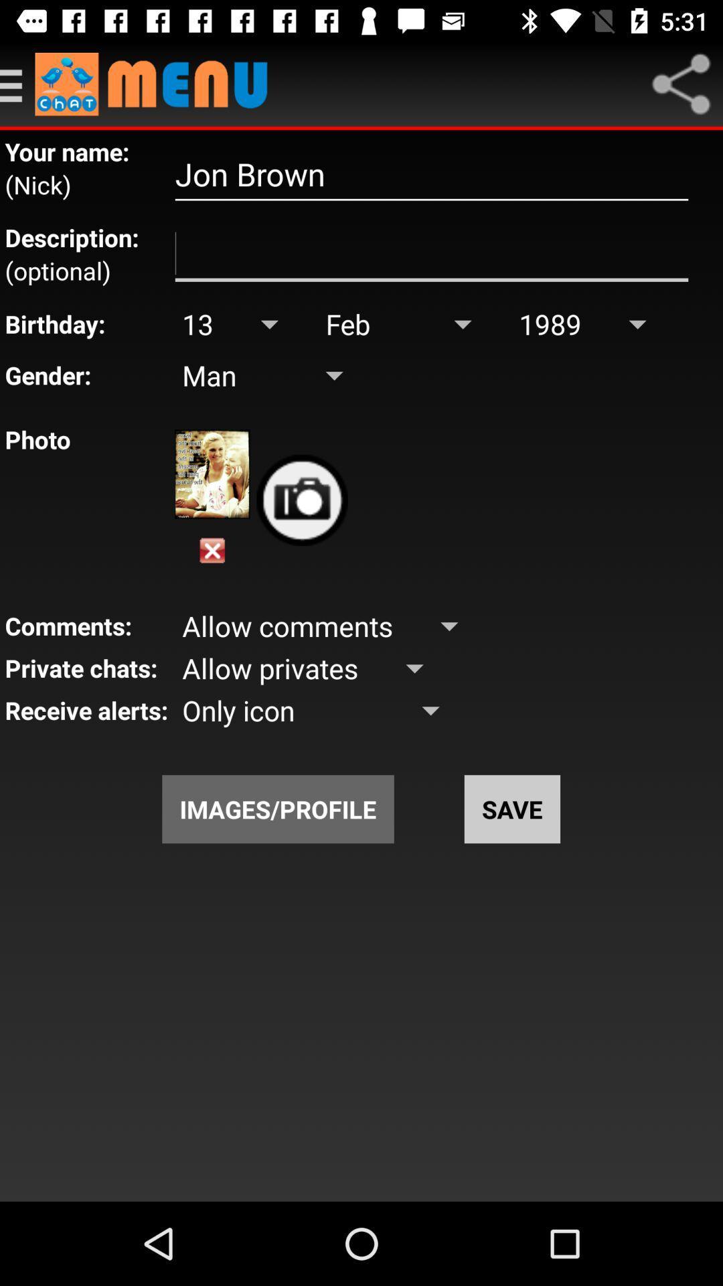 This screenshot has width=723, height=1286. What do you see at coordinates (212, 551) in the screenshot?
I see `delete the photo` at bounding box center [212, 551].